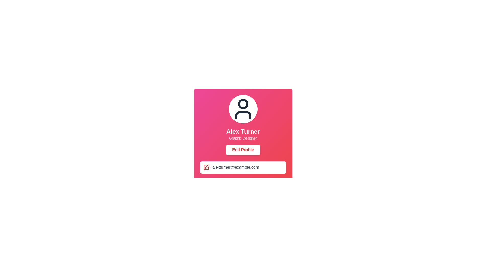 Image resolution: width=491 pixels, height=276 pixels. What do you see at coordinates (206, 167) in the screenshot?
I see `the edit button located to the left of the email address 'alexturner@example.com' to initiate an edit action` at bounding box center [206, 167].